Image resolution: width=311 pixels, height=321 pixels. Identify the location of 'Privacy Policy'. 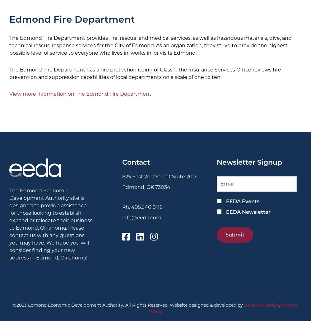
(148, 308).